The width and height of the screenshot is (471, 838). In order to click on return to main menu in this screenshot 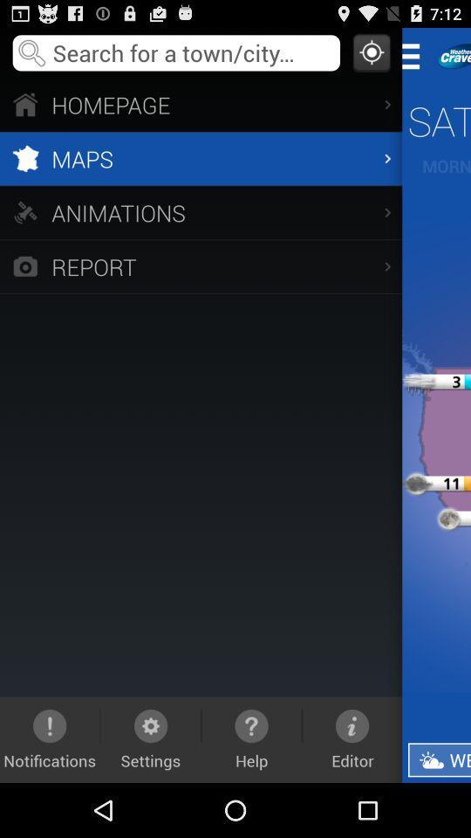, I will do `click(415, 56)`.